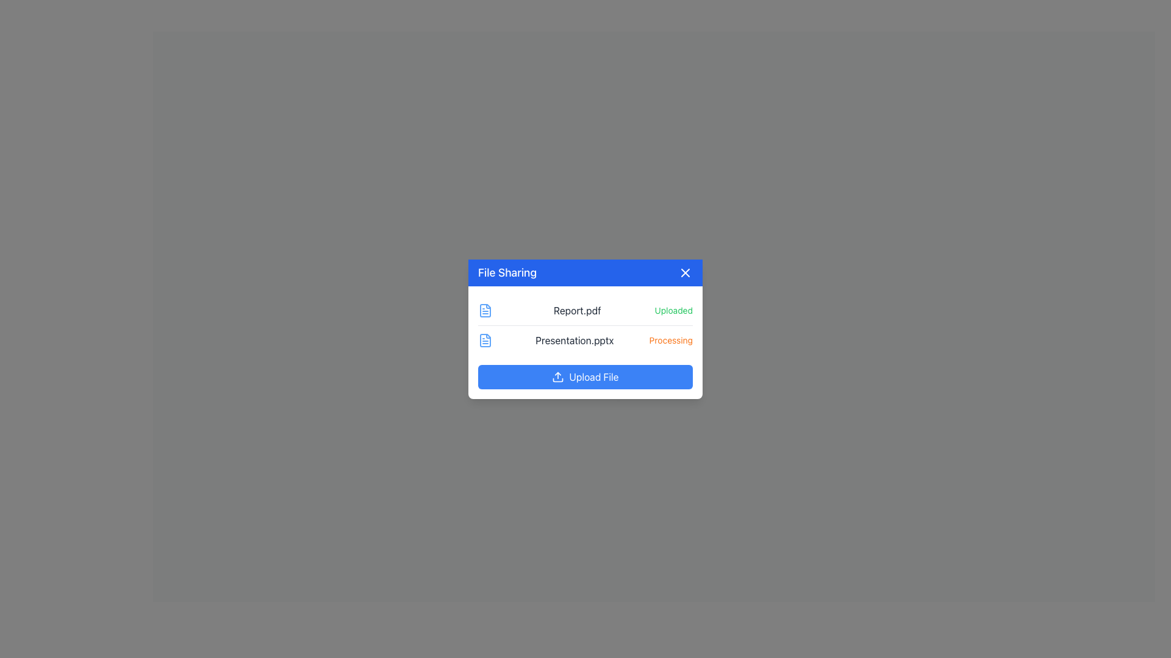 This screenshot has width=1171, height=658. Describe the element at coordinates (585, 340) in the screenshot. I see `the list item displaying the file 'Presentation.pptx'` at that location.